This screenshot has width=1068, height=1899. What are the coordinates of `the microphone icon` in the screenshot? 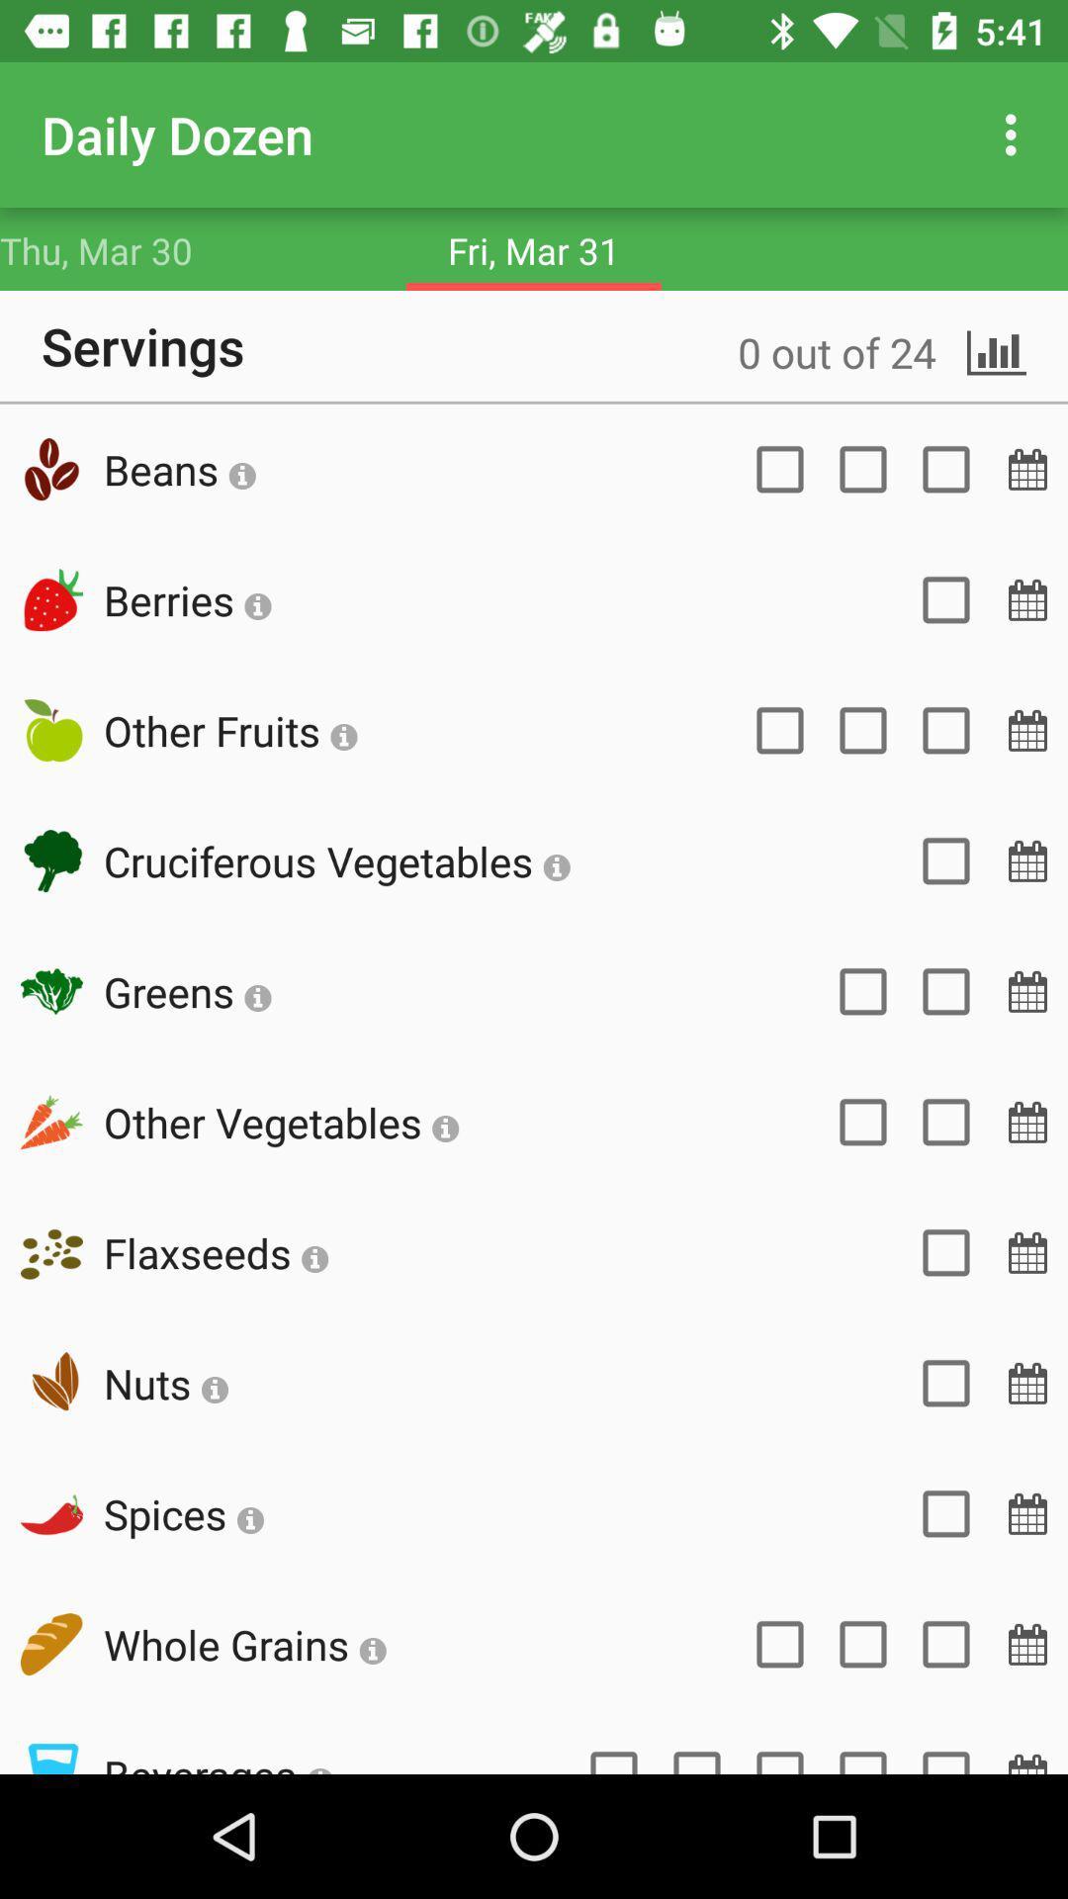 It's located at (50, 468).